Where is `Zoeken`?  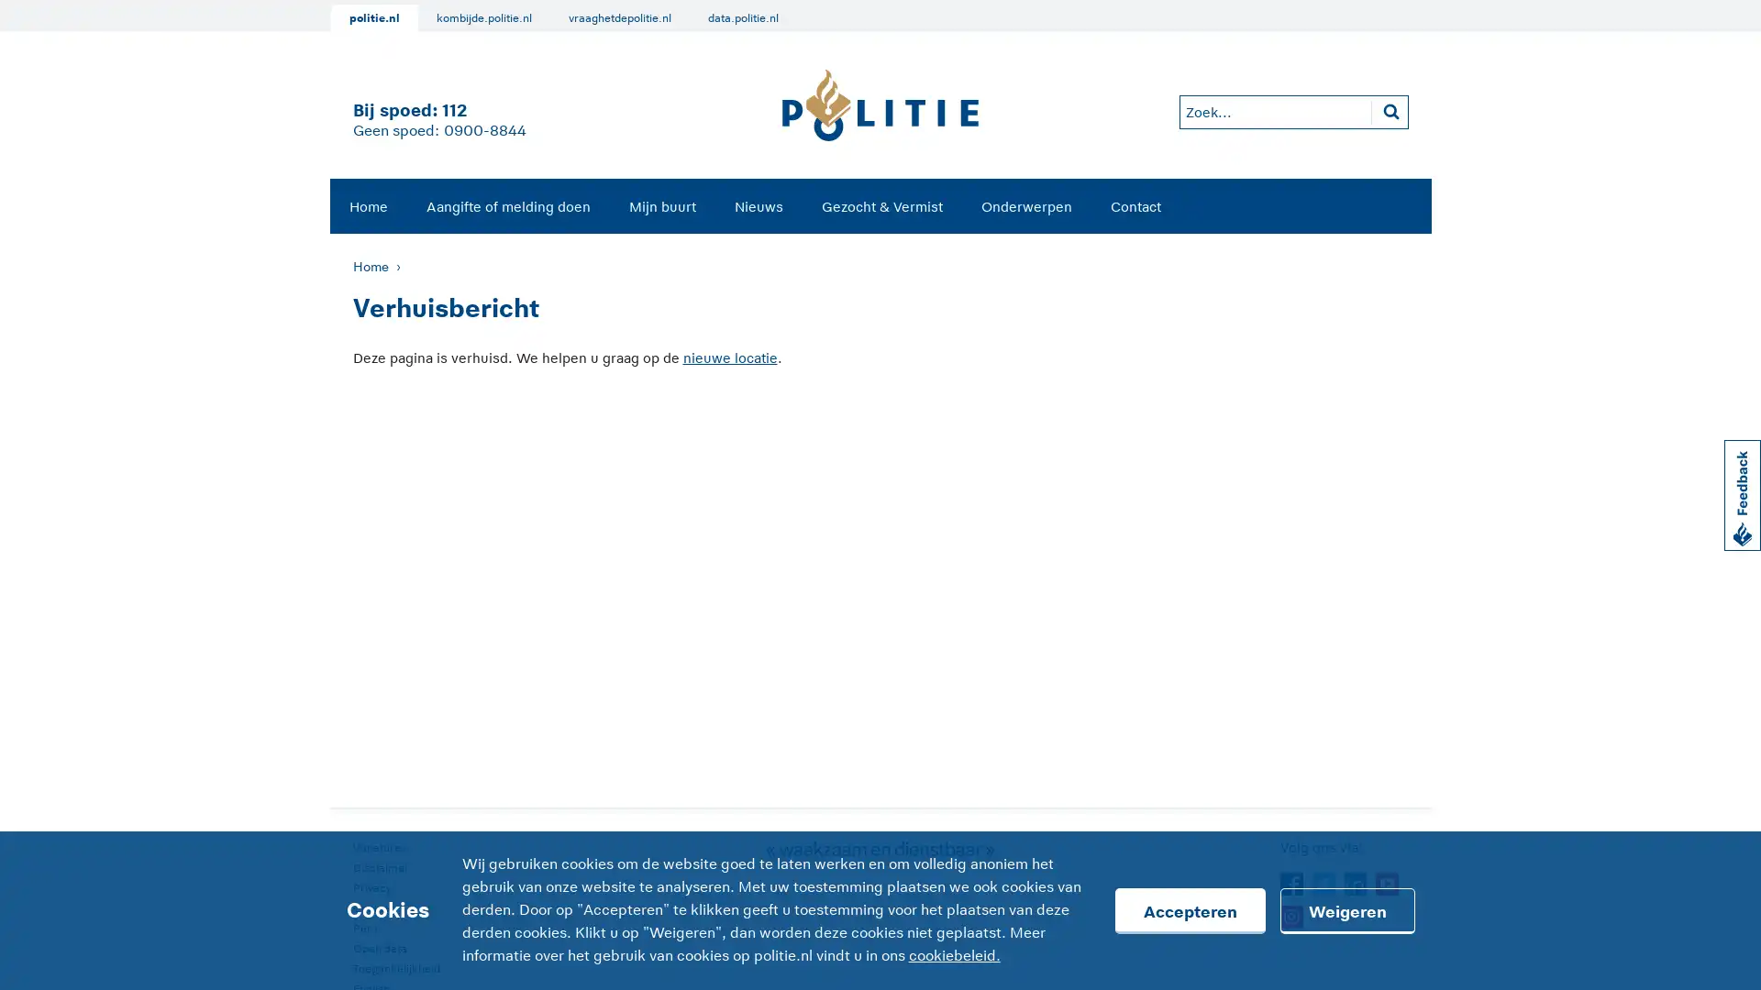 Zoeken is located at coordinates (1385, 112).